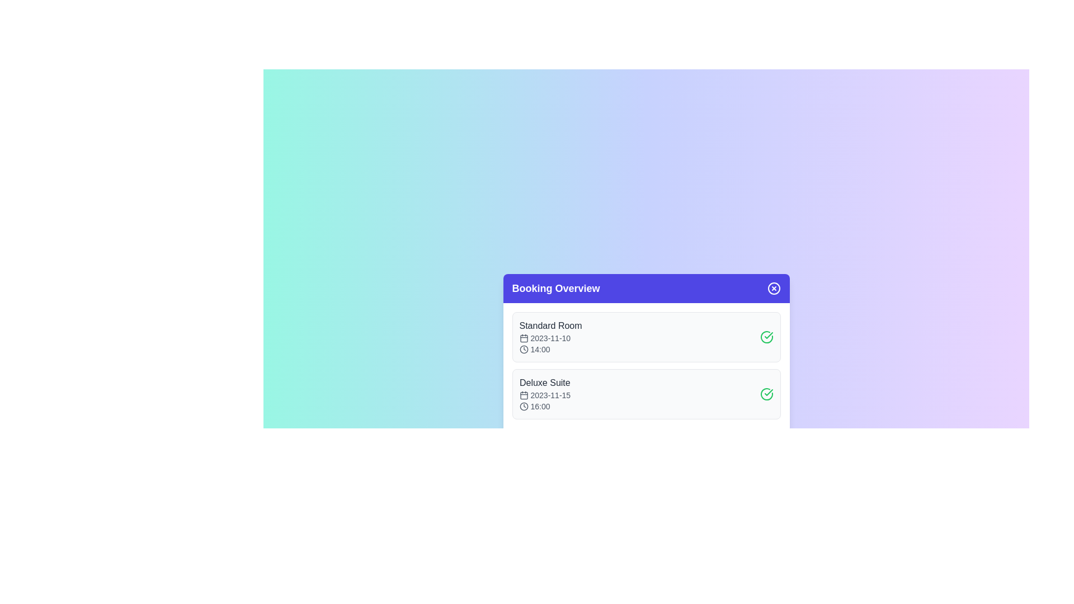 The width and height of the screenshot is (1074, 604). I want to click on the booking item labeled 'Deluxe Suite' to reveal potential actions, so click(646, 394).